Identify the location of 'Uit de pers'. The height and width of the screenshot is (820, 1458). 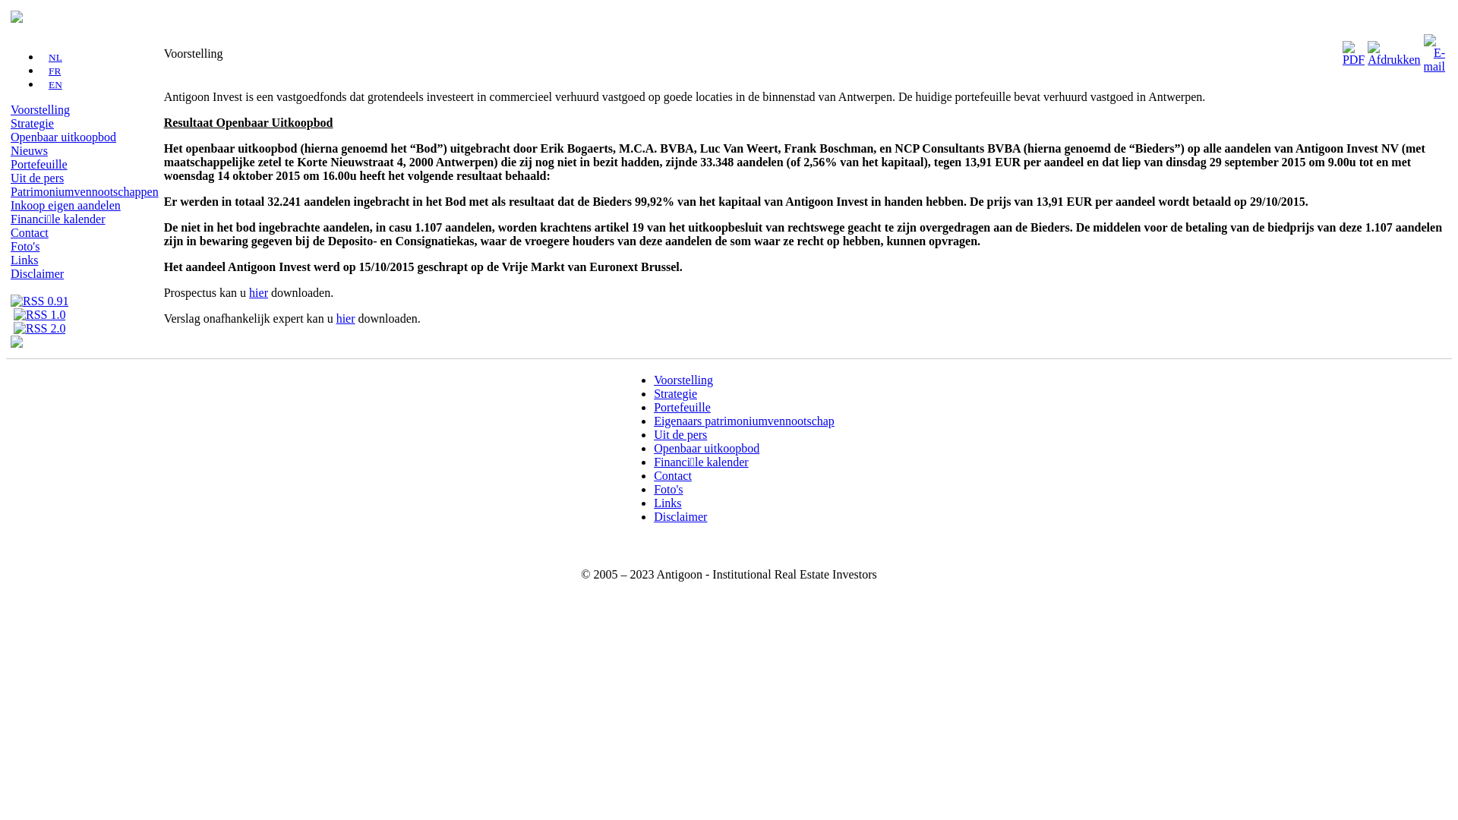
(680, 434).